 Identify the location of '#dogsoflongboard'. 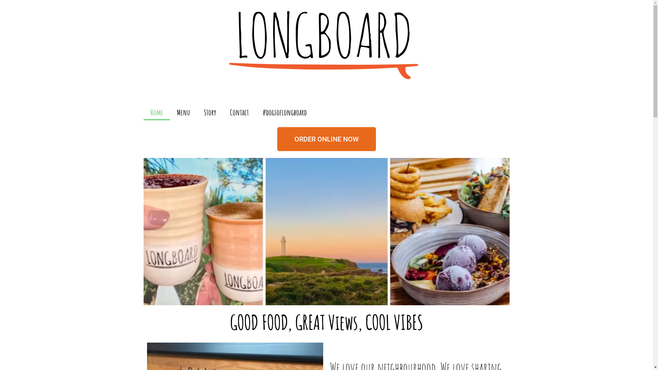
(284, 112).